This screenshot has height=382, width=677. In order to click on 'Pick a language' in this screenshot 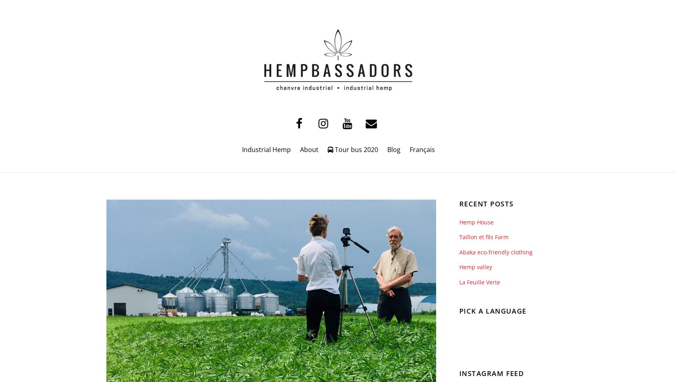, I will do `click(459, 310)`.